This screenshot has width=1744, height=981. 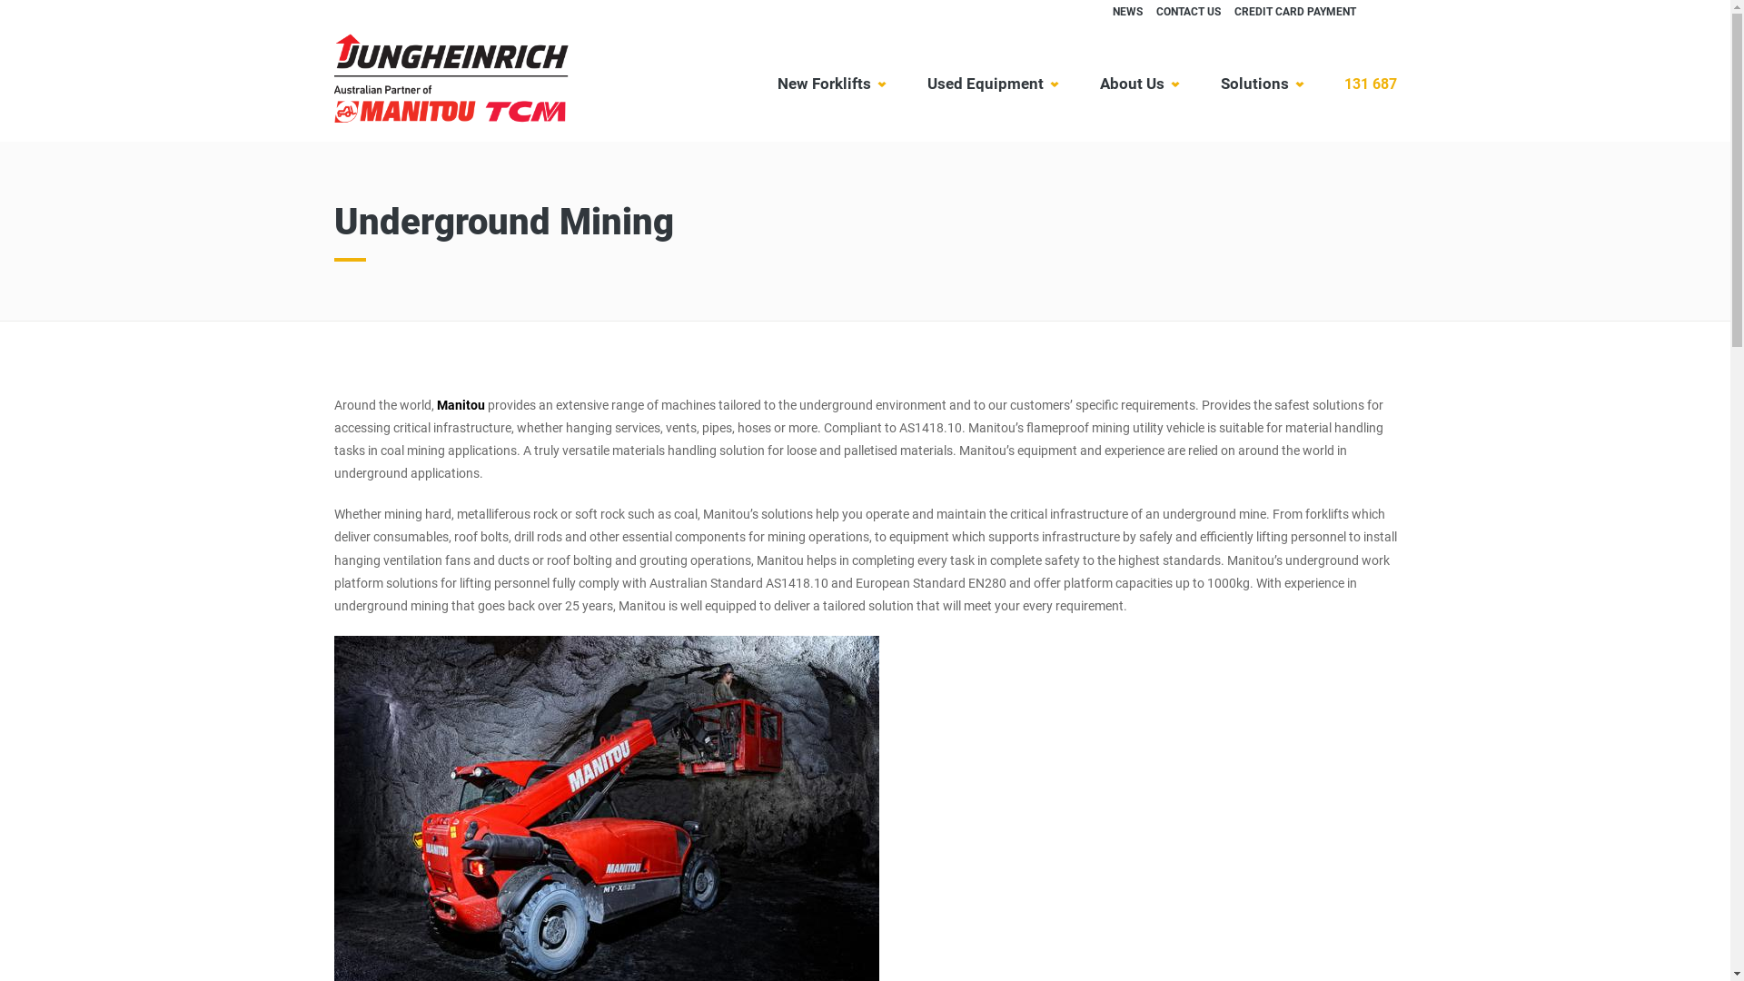 What do you see at coordinates (1188, 11) in the screenshot?
I see `'CONTACT US'` at bounding box center [1188, 11].